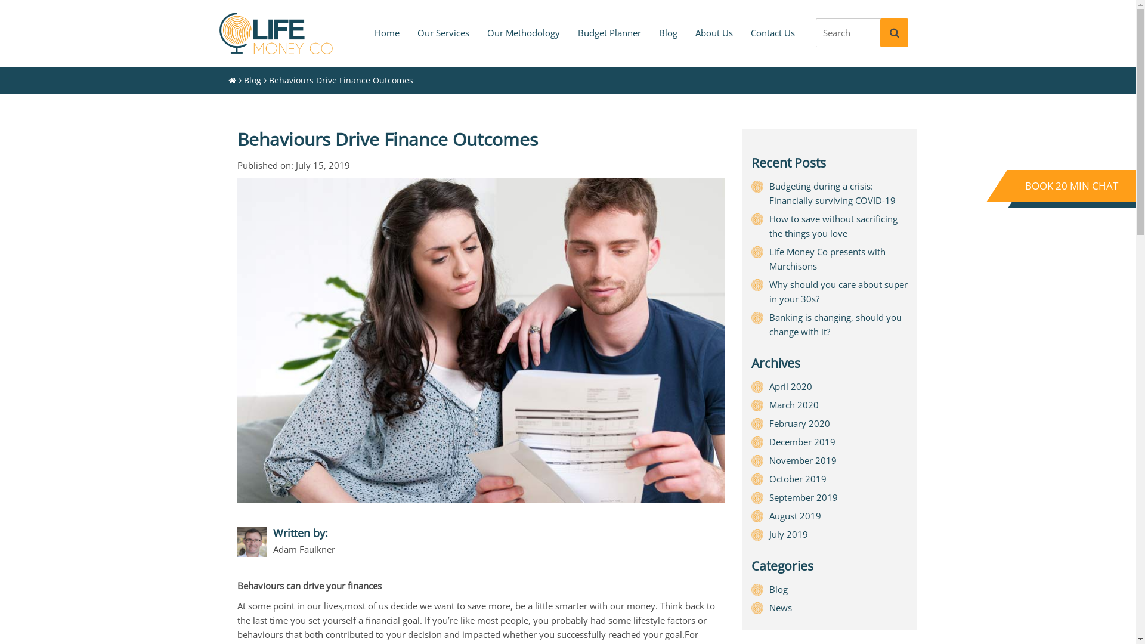 The image size is (1145, 644). Describe the element at coordinates (827, 258) in the screenshot. I see `'Life Money Co presents with Murchisons'` at that location.